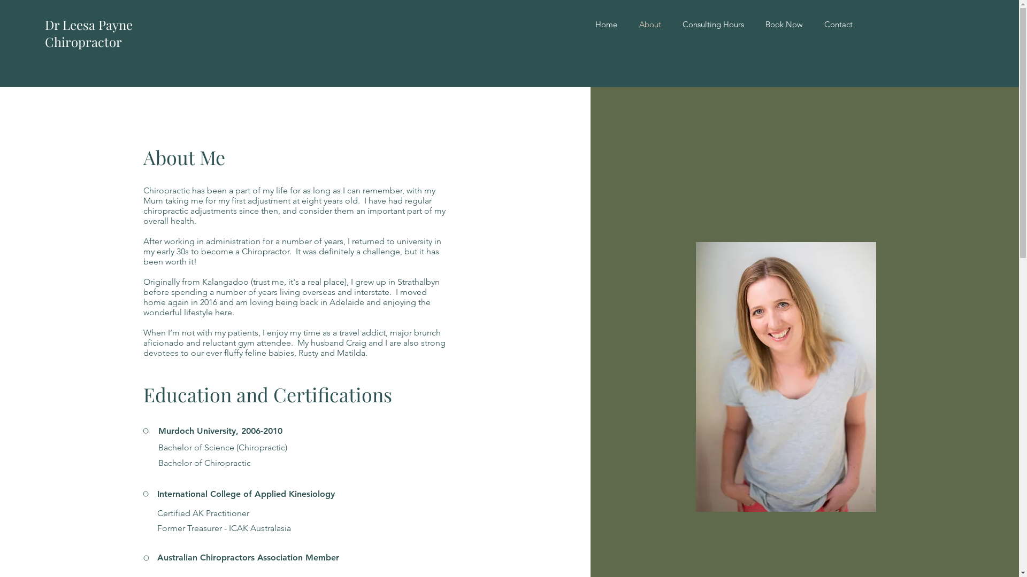  Describe the element at coordinates (838, 24) in the screenshot. I see `'Contact'` at that location.